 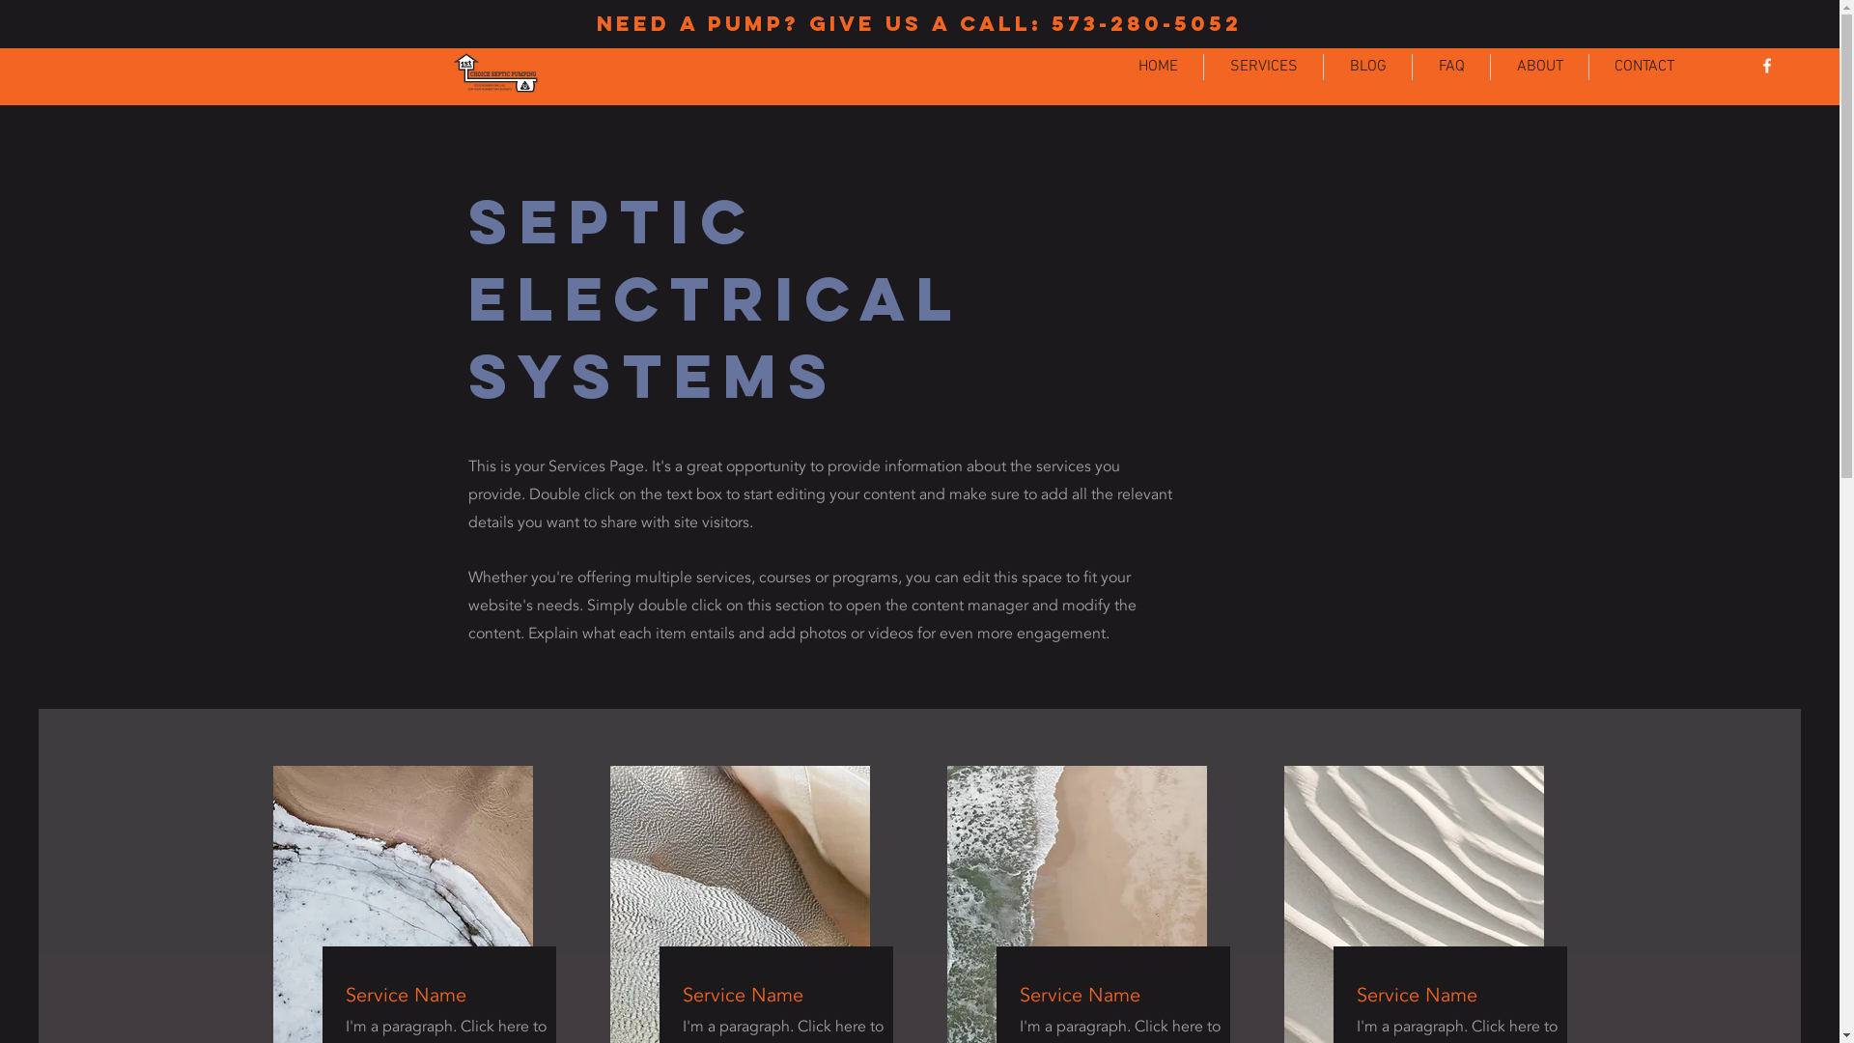 What do you see at coordinates (444, 71) in the screenshot?
I see `'1stChoiceLogo.png'` at bounding box center [444, 71].